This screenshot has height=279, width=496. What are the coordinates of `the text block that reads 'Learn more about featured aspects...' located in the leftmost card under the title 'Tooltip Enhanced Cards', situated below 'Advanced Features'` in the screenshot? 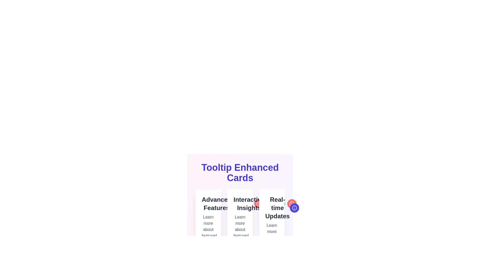 It's located at (208, 229).